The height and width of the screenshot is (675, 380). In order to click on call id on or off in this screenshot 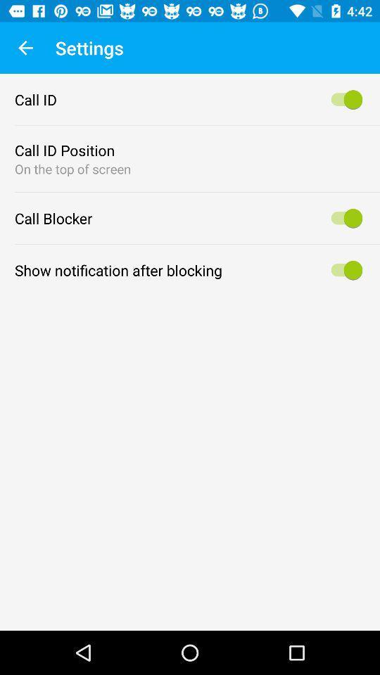, I will do `click(343, 98)`.